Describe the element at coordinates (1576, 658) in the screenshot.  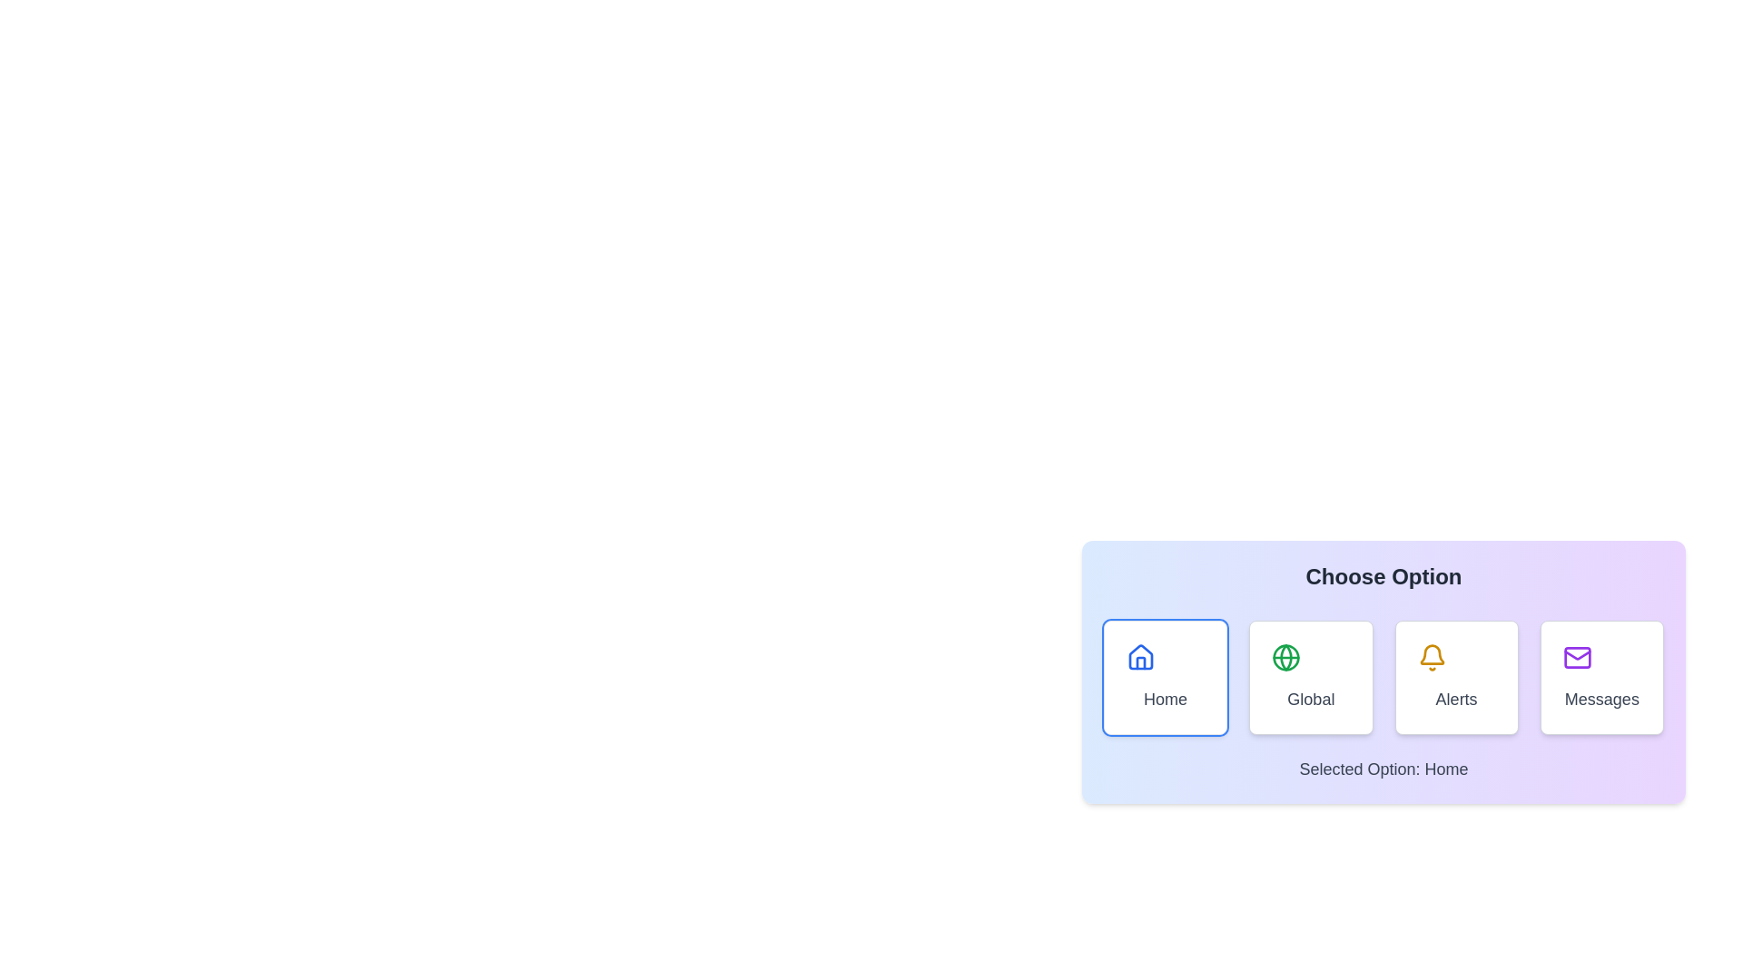
I see `the mail icon within the 'Messages' card` at that location.